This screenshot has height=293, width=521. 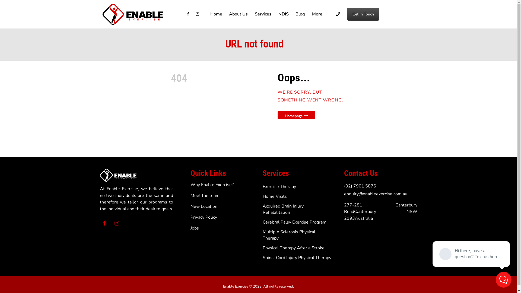 I want to click on 'Physical Therapy After a Stroke', so click(x=293, y=248).